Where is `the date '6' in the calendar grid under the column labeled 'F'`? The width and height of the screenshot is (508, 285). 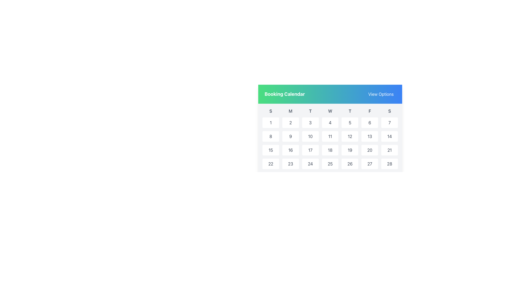 the date '6' in the calendar grid under the column labeled 'F' is located at coordinates (369, 123).